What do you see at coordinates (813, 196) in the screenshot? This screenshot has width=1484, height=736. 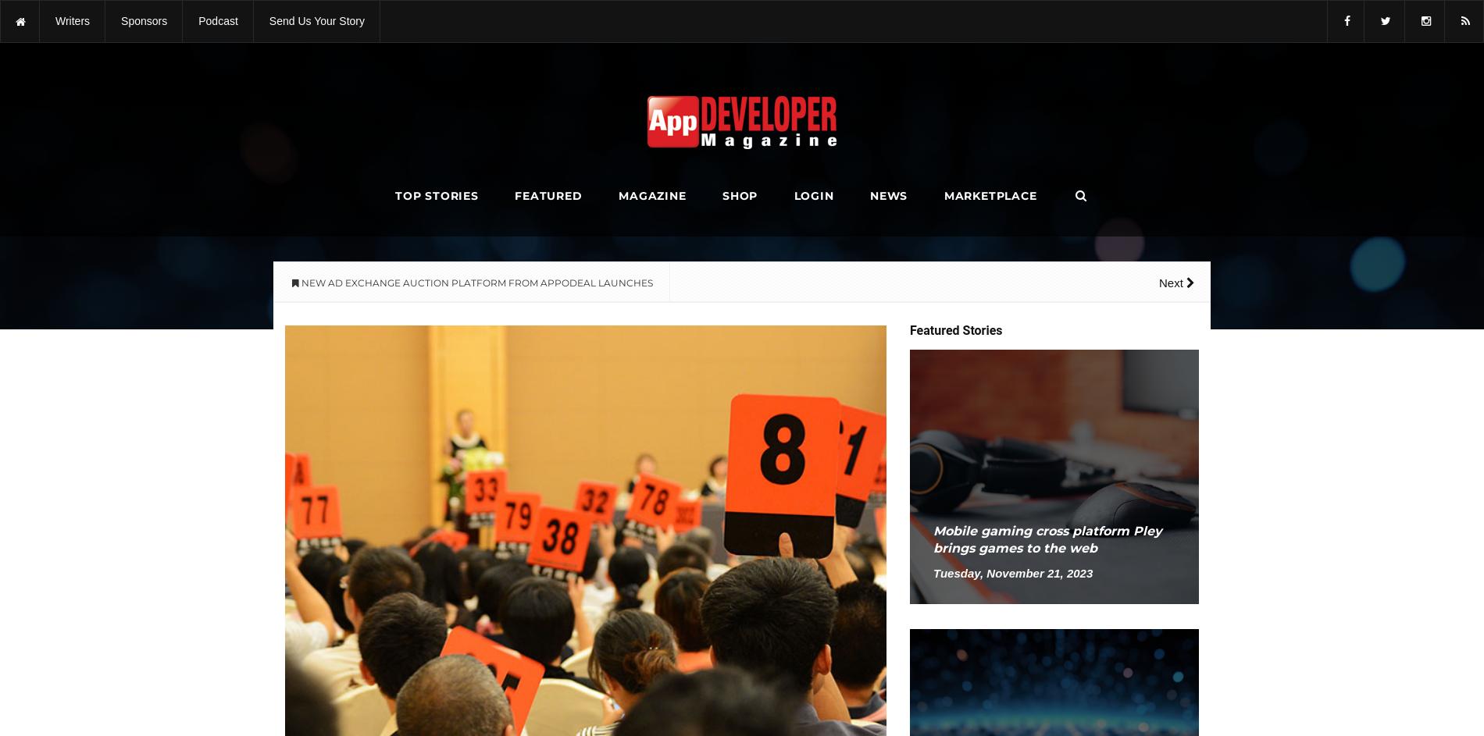 I see `'Login'` at bounding box center [813, 196].